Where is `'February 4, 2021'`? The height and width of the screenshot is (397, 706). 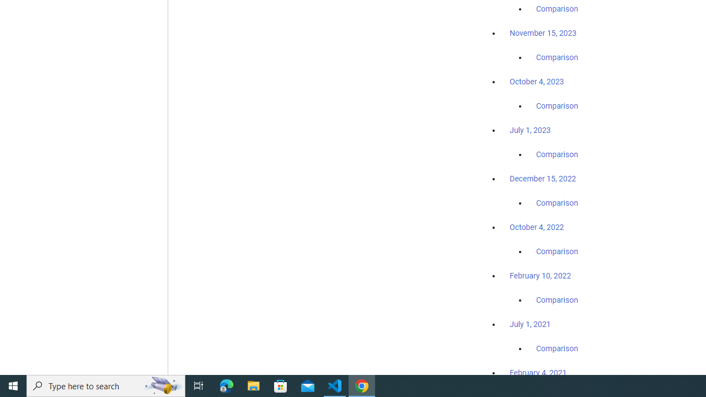
'February 4, 2021' is located at coordinates (538, 372).